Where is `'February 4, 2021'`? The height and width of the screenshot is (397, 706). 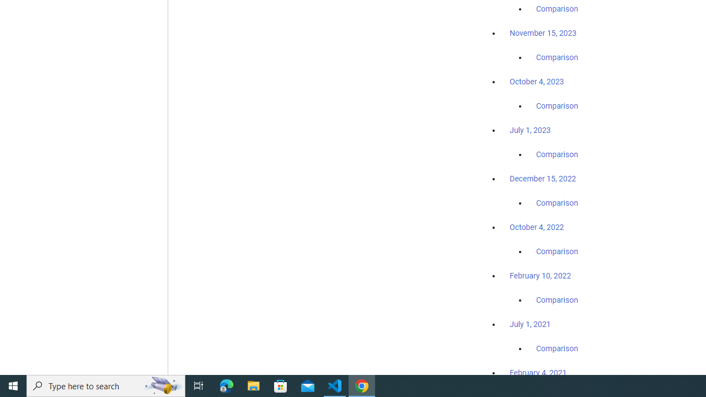
'February 4, 2021' is located at coordinates (538, 372).